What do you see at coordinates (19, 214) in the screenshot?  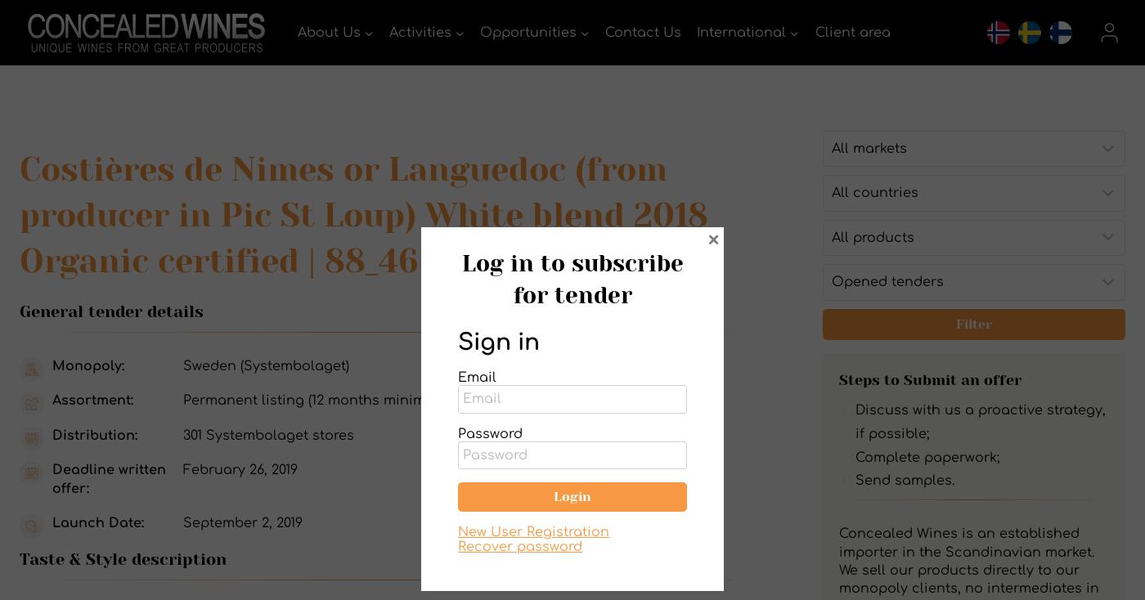 I see `'Costières de Nimes or Languedoc (from producer in Pic St Loup) White blend 2018 Organic certified | 88_46'` at bounding box center [19, 214].